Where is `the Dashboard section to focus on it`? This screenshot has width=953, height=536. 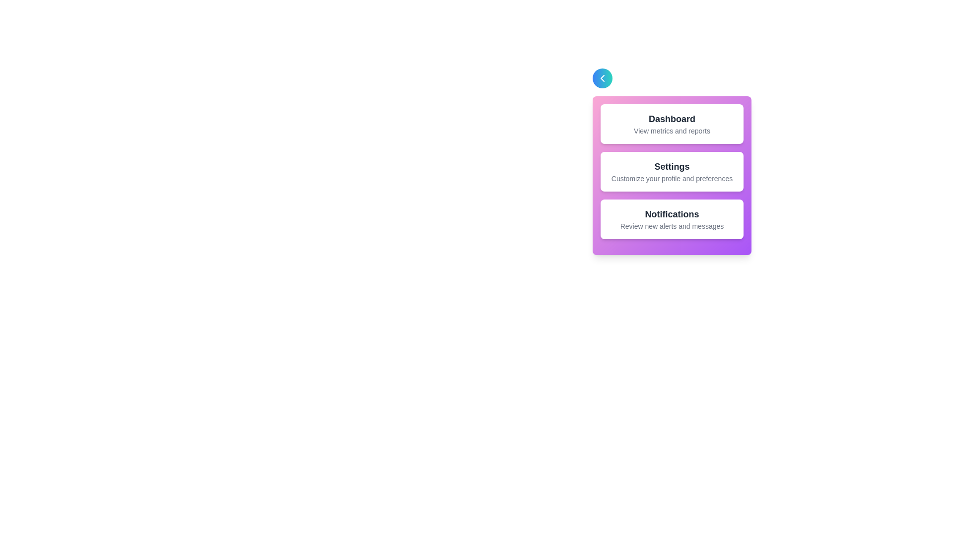
the Dashboard section to focus on it is located at coordinates (672, 124).